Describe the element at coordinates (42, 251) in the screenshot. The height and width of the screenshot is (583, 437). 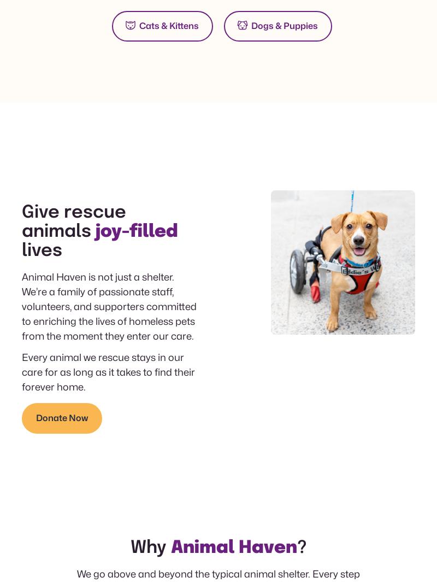
I see `'lives'` at that location.